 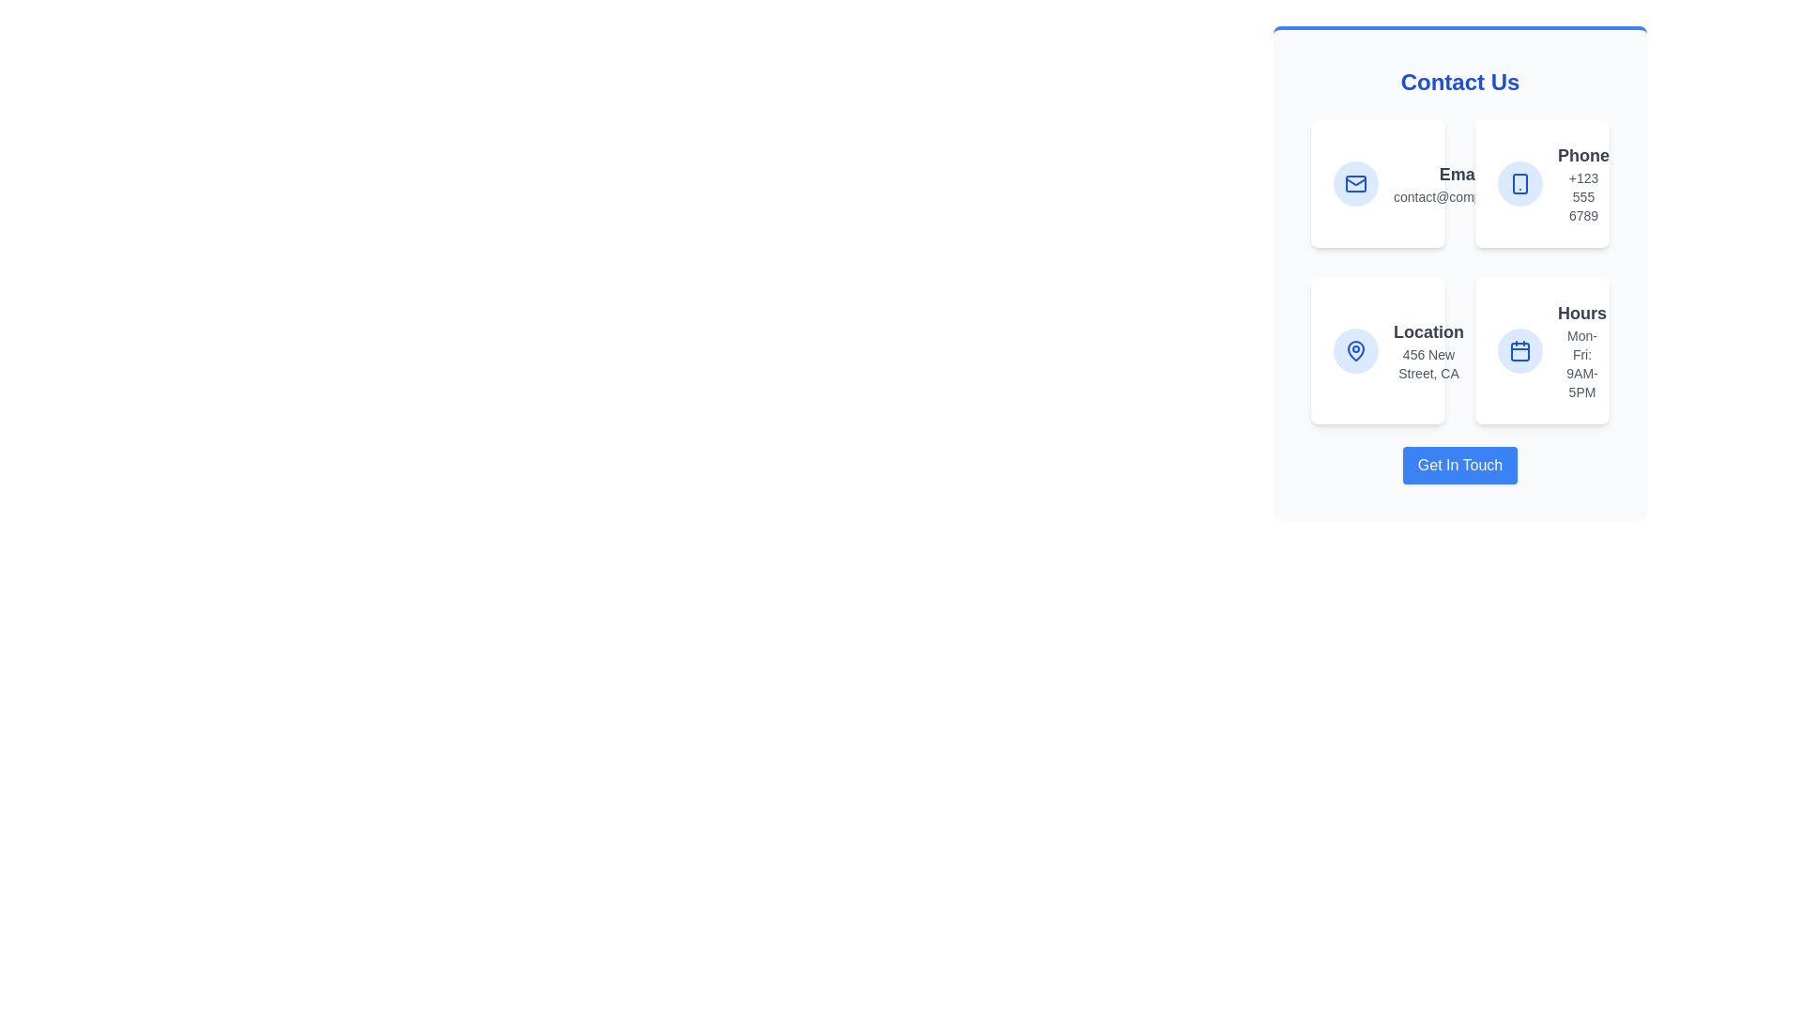 I want to click on the blue outlined map pin icon within the 'Location' button, so click(x=1355, y=351).